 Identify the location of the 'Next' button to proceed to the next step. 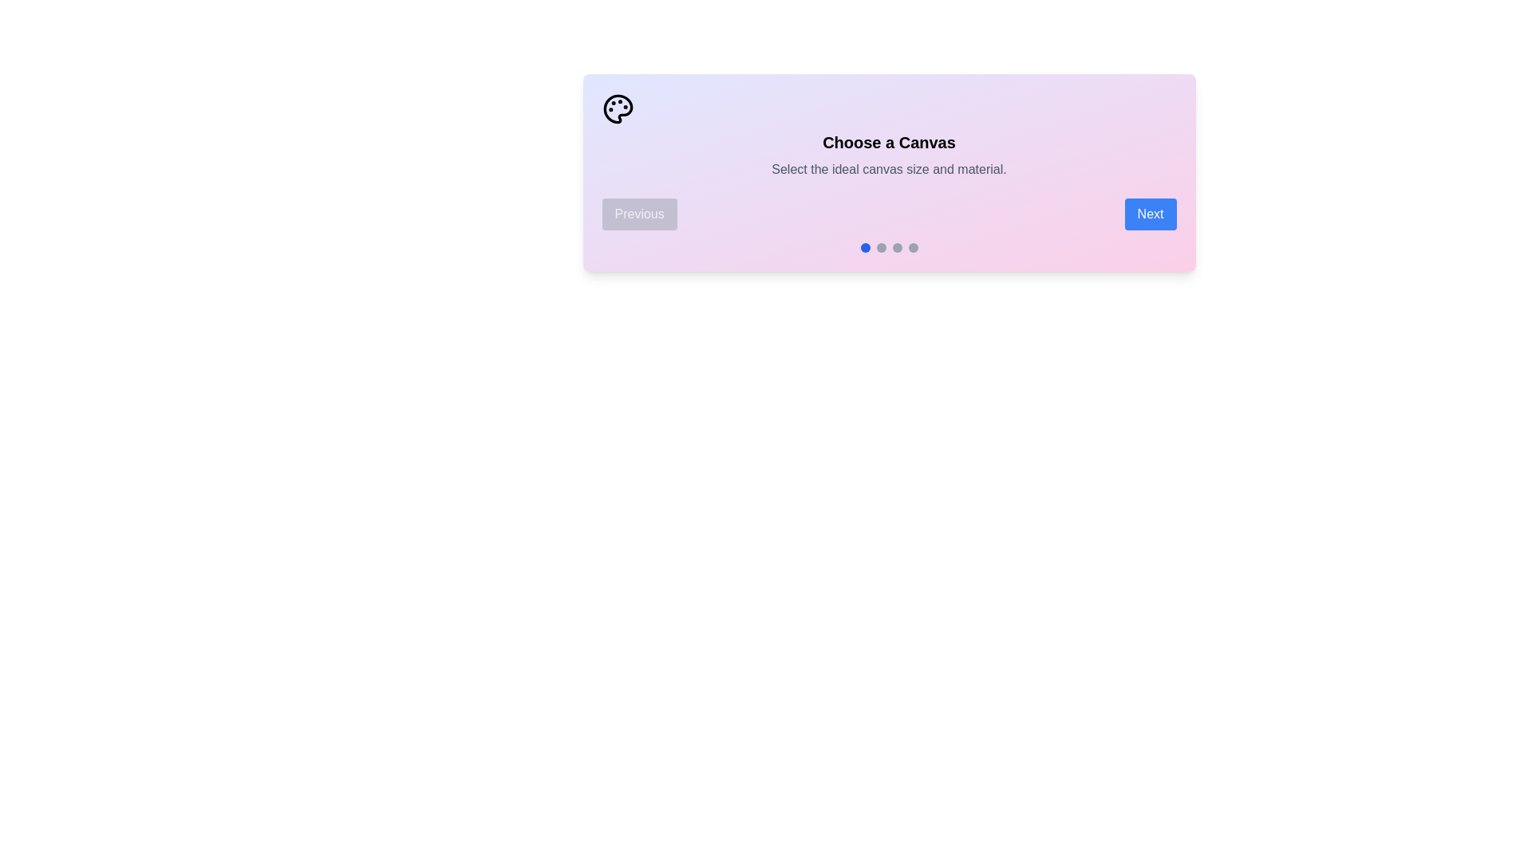
(1150, 214).